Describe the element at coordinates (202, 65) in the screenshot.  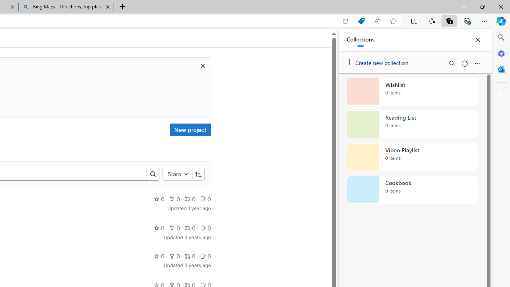
I see `'Class: s16 gl-icon gl-button-icon '` at that location.